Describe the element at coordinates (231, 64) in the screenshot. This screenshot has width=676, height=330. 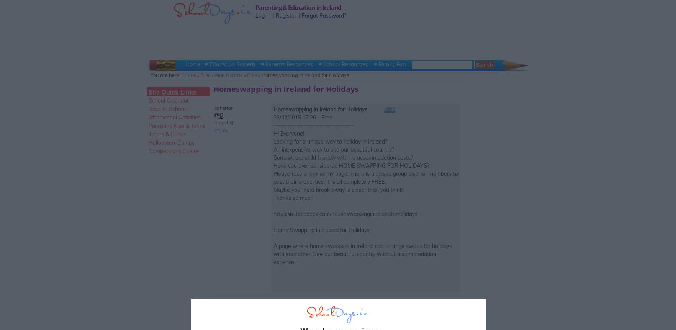
I see `'≡ Education System'` at that location.